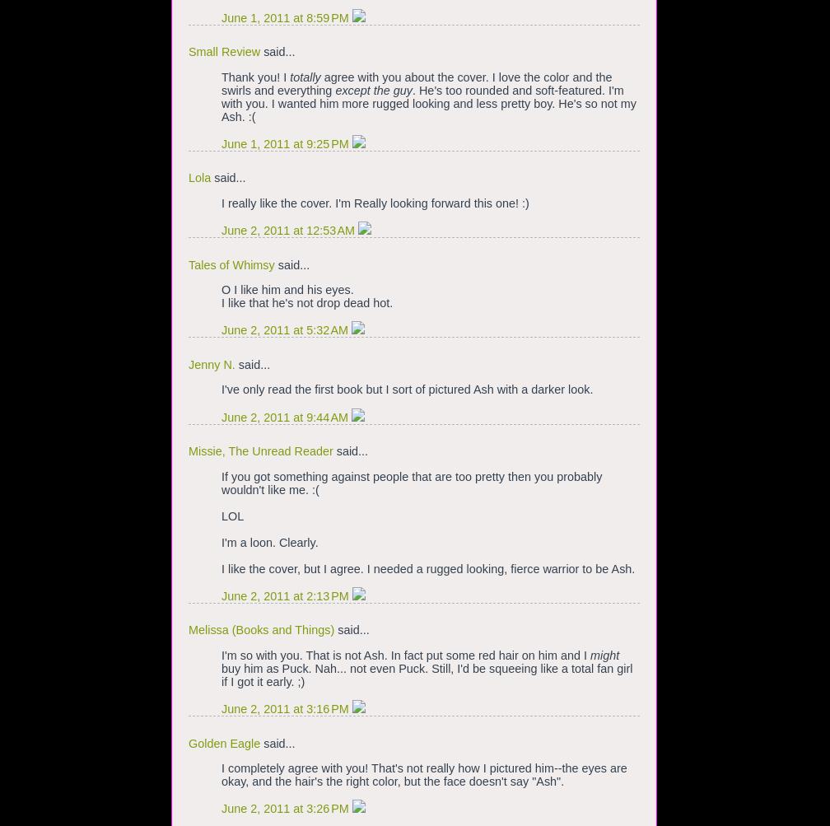 The image size is (830, 826). What do you see at coordinates (286, 16) in the screenshot?
I see `'June 1, 2011 at 8:59 PM'` at bounding box center [286, 16].